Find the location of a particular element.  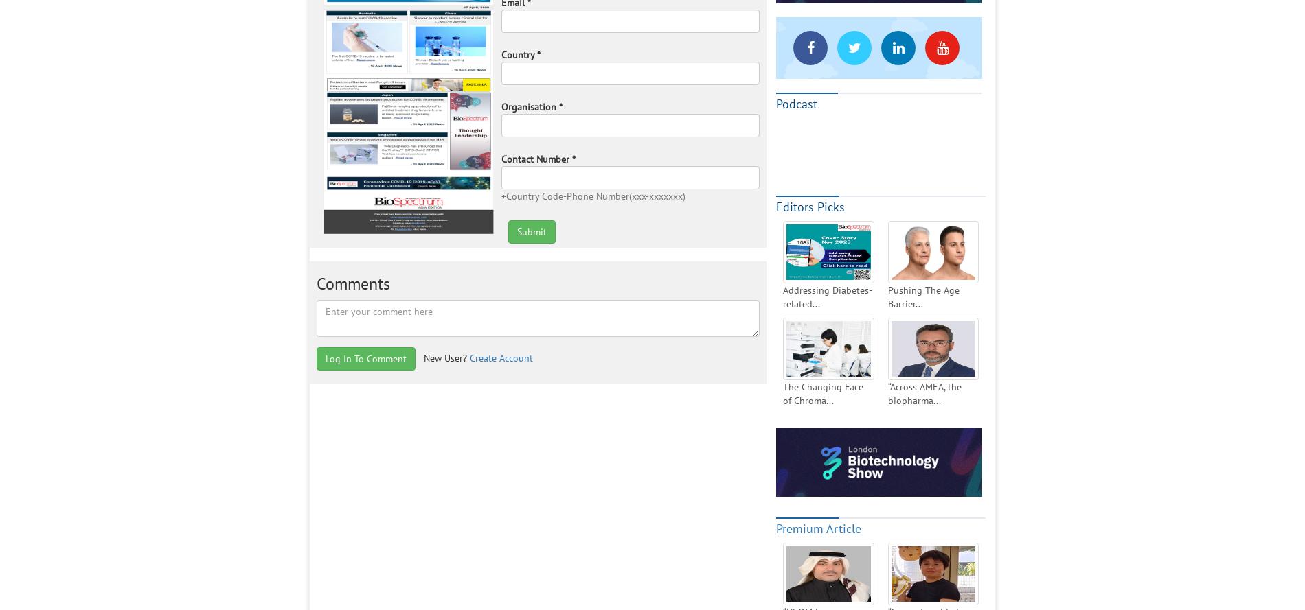

'Pushing The Age Barrier...' is located at coordinates (922, 296).